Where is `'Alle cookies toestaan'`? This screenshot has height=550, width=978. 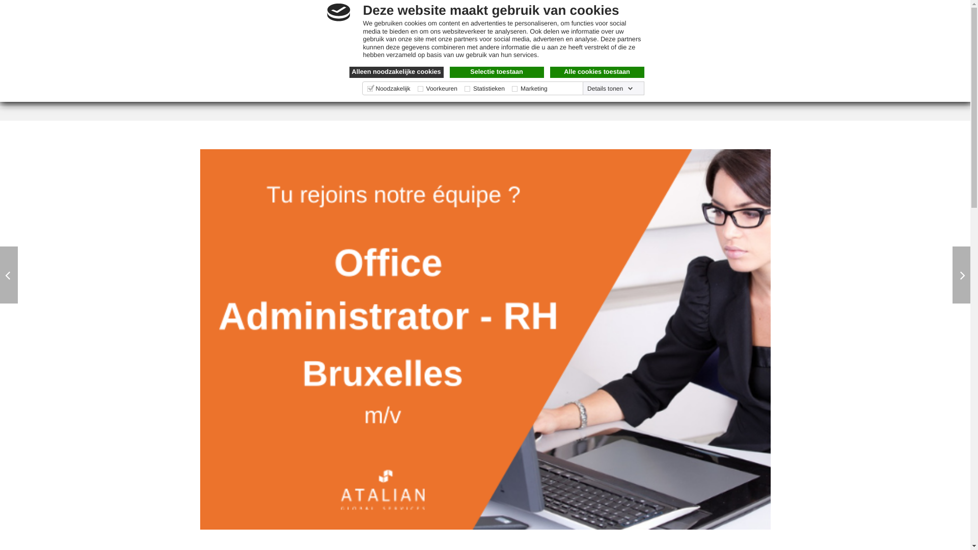
'Alle cookies toestaan' is located at coordinates (597, 72).